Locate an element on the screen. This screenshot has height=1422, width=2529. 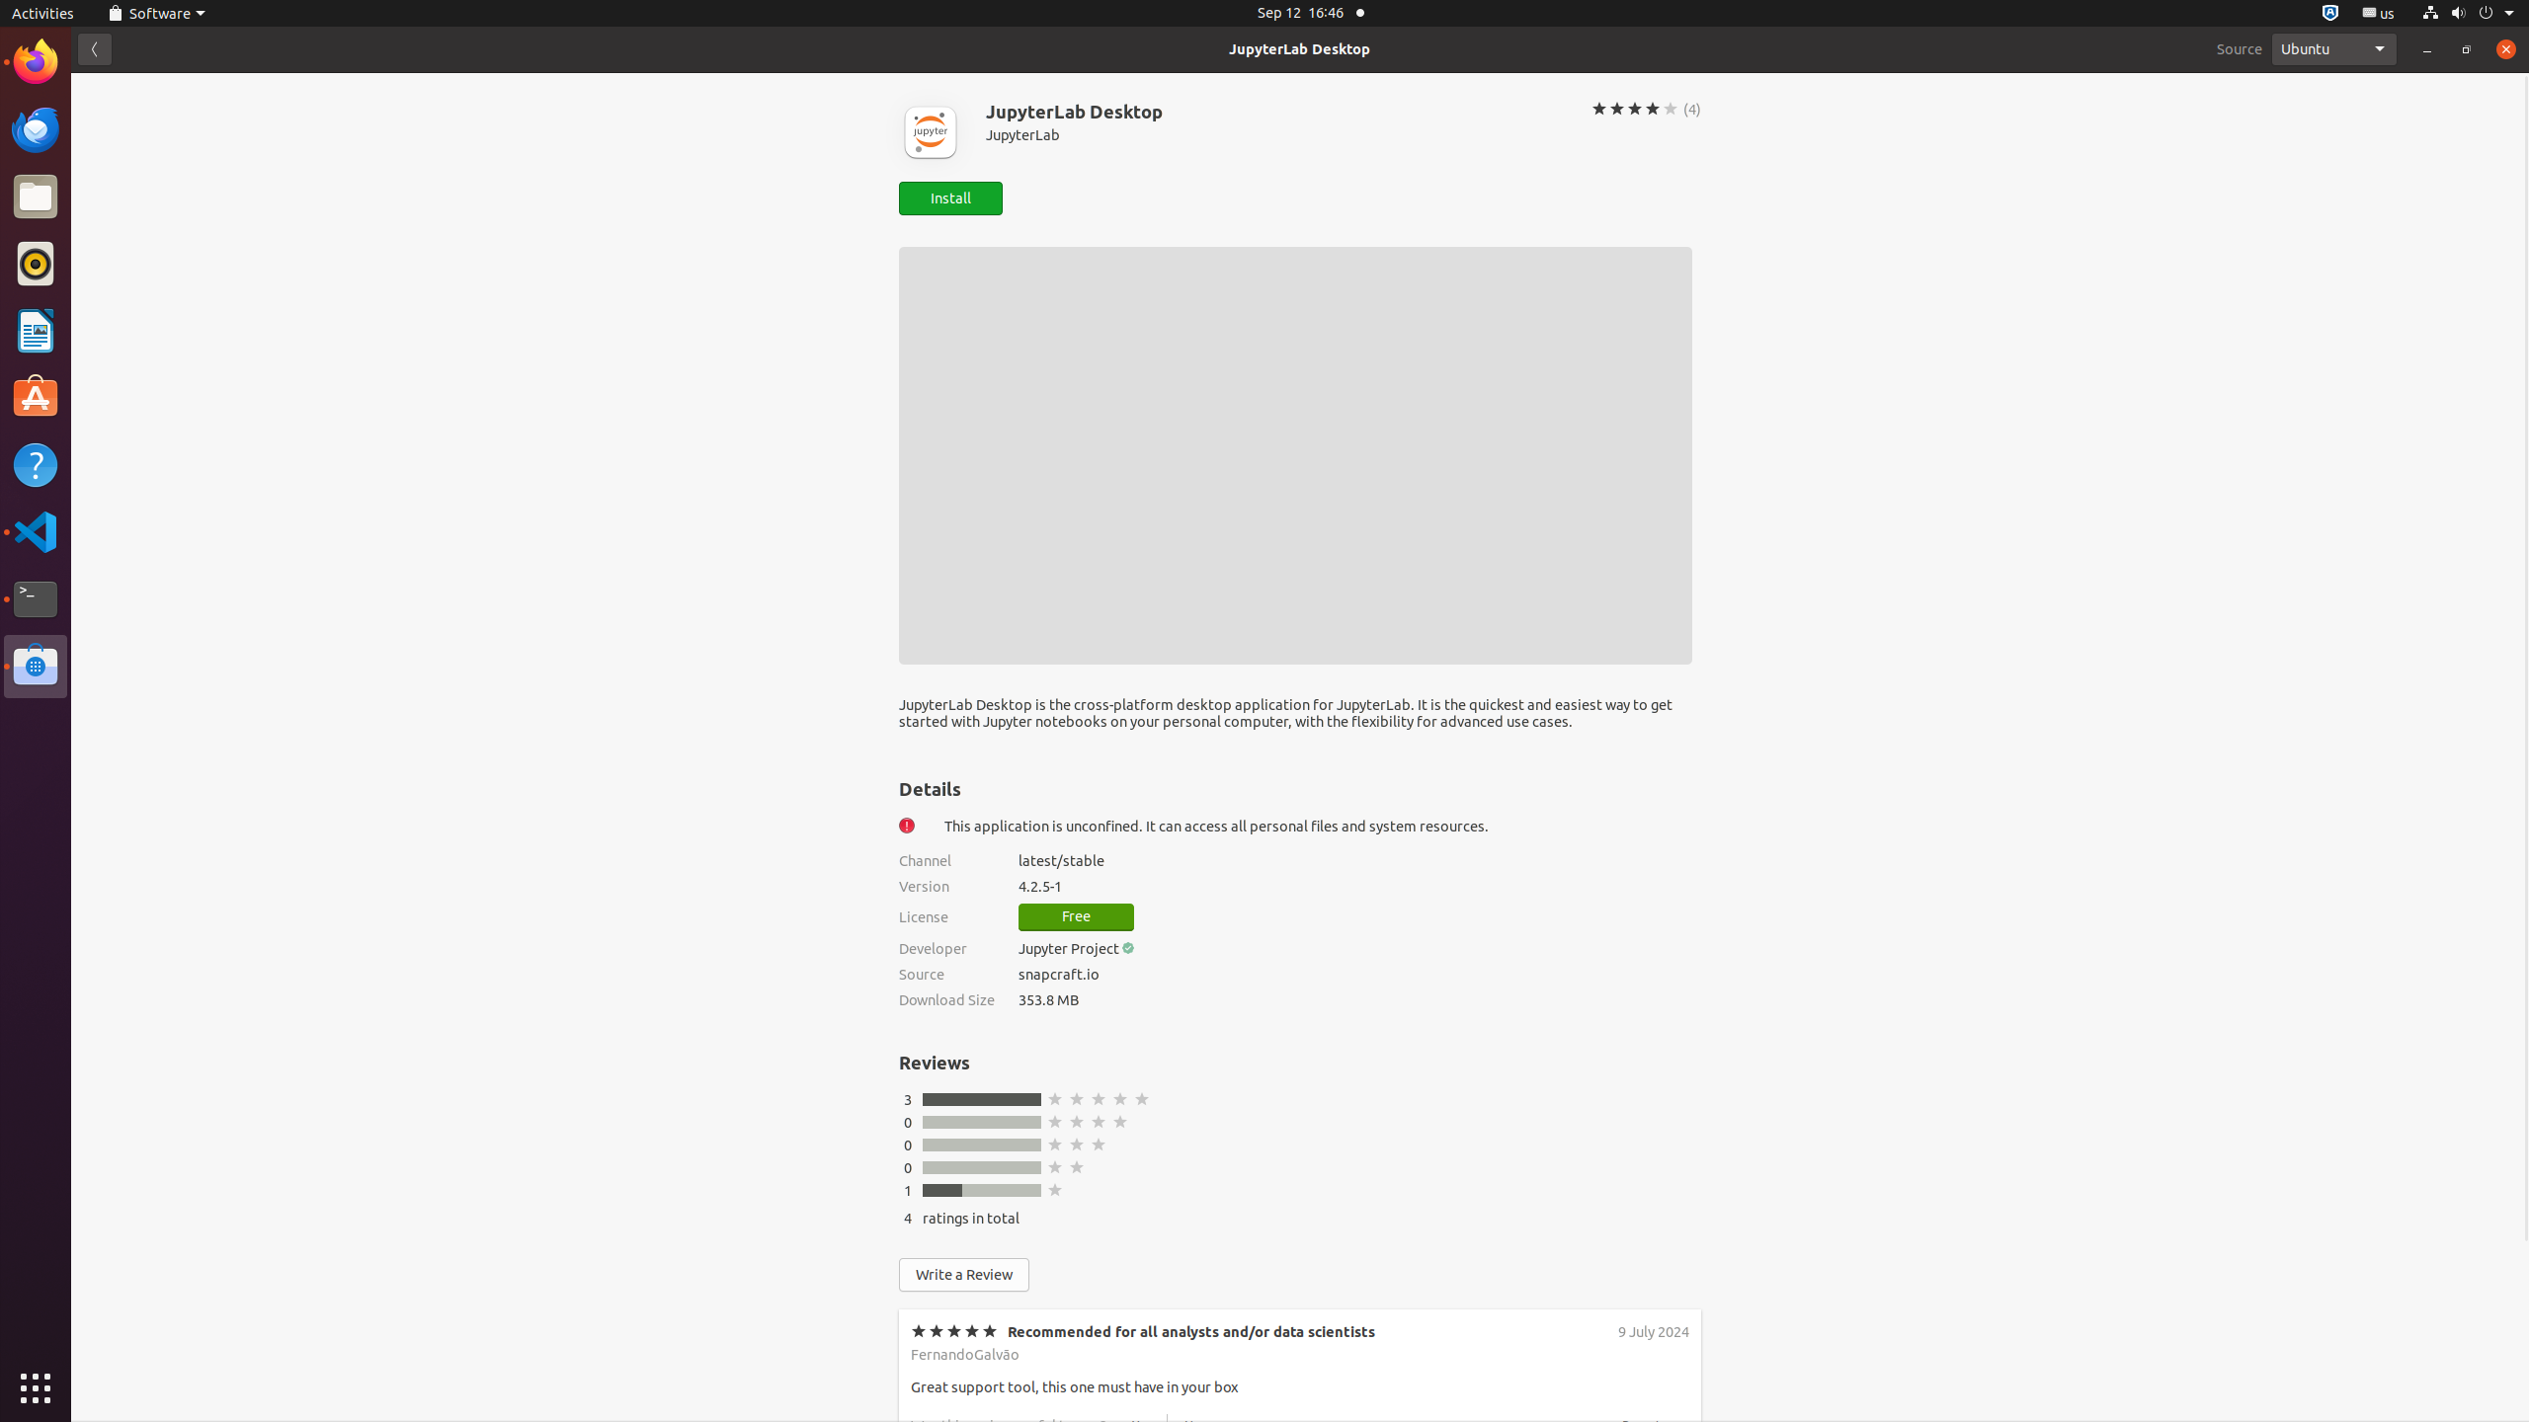
'Download Size' is located at coordinates (945, 998).